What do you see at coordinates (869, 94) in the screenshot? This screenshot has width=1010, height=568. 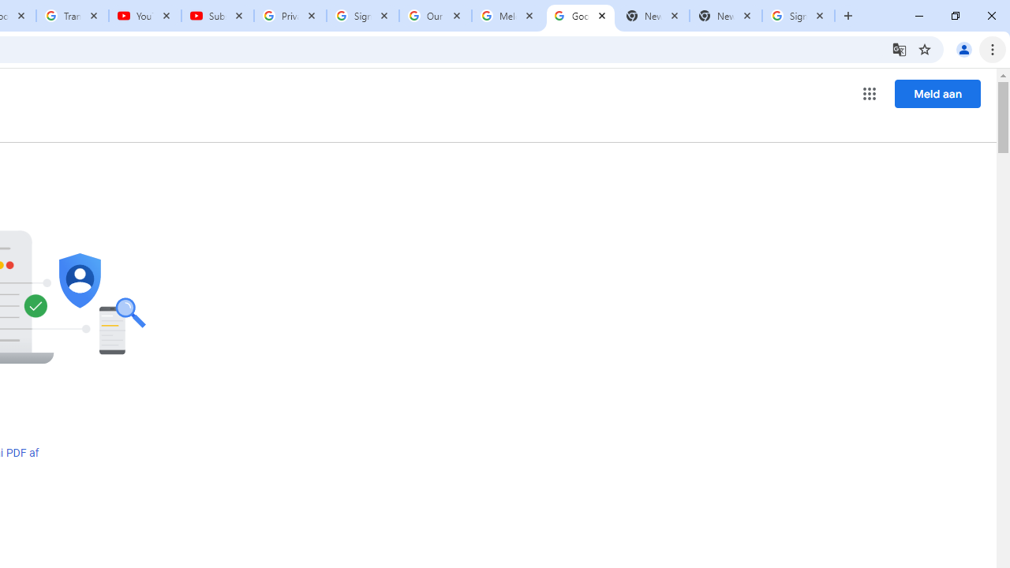 I see `'Google-programme'` at bounding box center [869, 94].